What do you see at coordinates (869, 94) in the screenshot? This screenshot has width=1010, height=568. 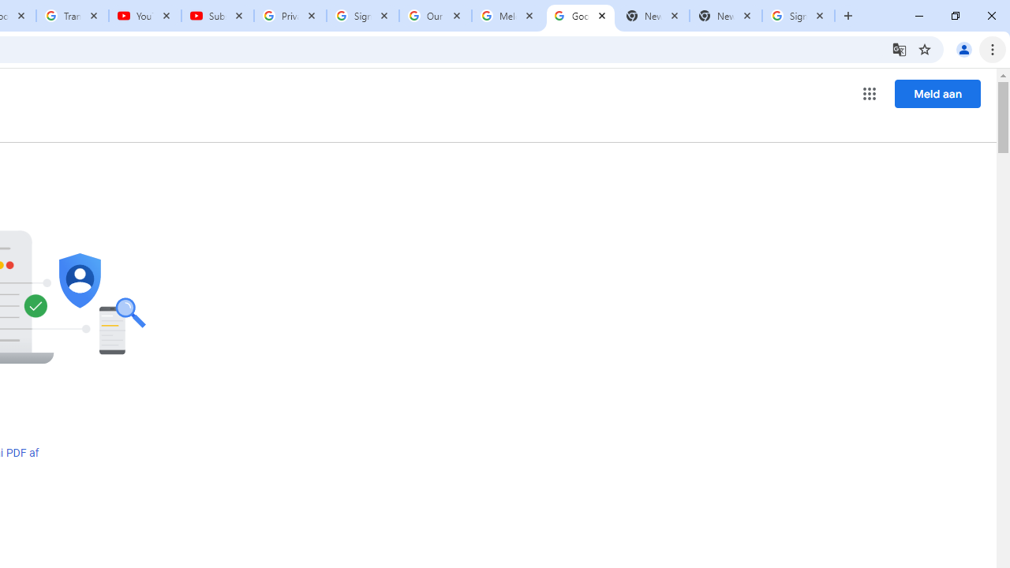 I see `'Google-programme'` at bounding box center [869, 94].